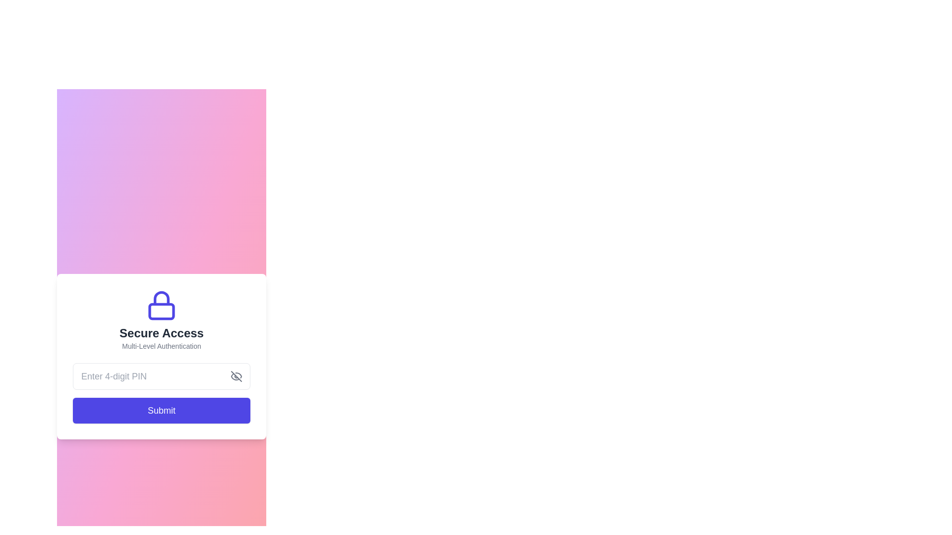 This screenshot has height=535, width=952. What do you see at coordinates (238, 375) in the screenshot?
I see `the eye-shaped icon to toggle its visibility mode, which is located within the 'Enter 4-digit PIN' input field, positioned towards the center-right of the field` at bounding box center [238, 375].